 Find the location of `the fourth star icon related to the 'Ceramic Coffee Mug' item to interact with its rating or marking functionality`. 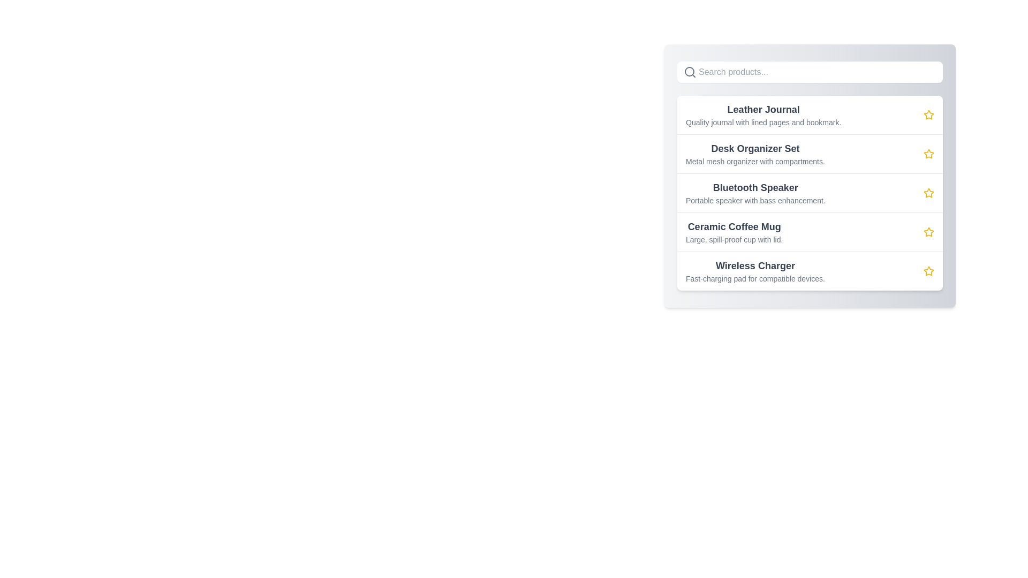

the fourth star icon related to the 'Ceramic Coffee Mug' item to interact with its rating or marking functionality is located at coordinates (928, 232).